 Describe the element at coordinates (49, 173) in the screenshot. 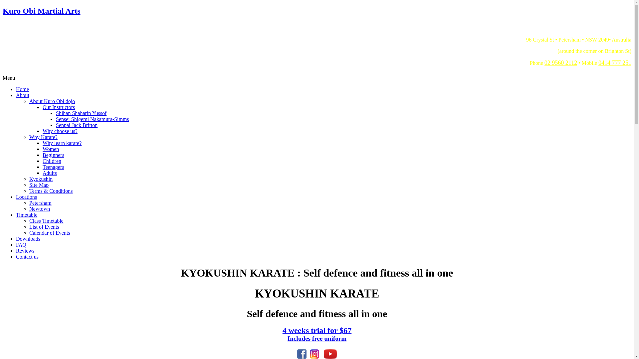

I see `'Adults'` at that location.